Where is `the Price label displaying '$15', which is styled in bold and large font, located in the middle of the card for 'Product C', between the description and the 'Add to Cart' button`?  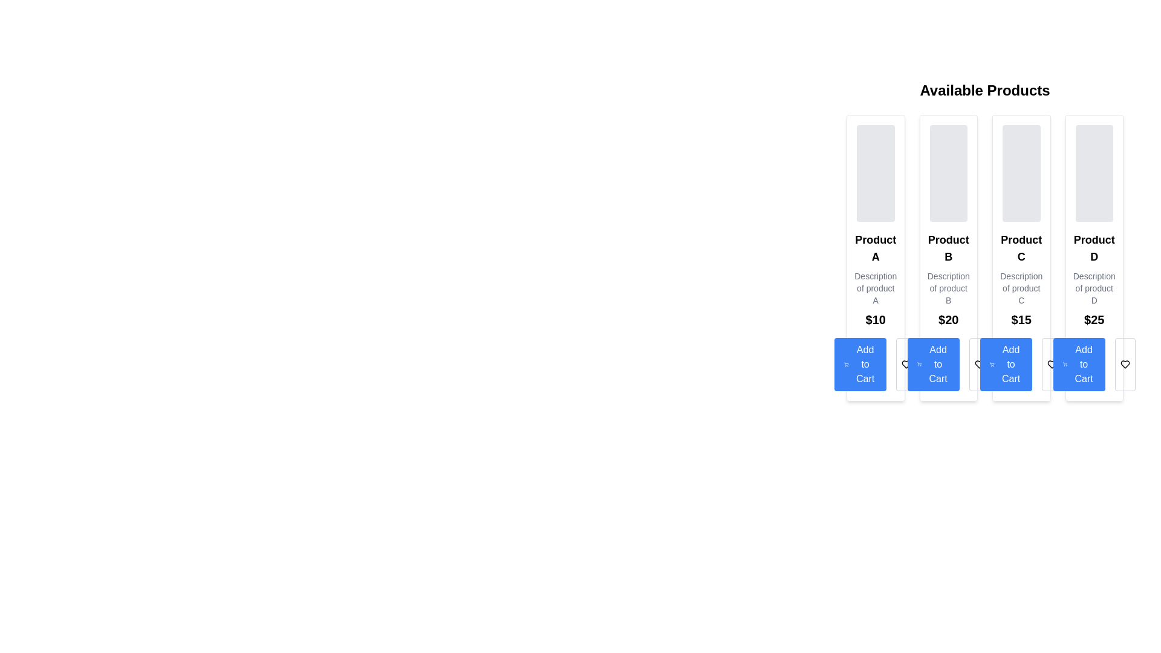 the Price label displaying '$15', which is styled in bold and large font, located in the middle of the card for 'Product C', between the description and the 'Add to Cart' button is located at coordinates (1021, 319).